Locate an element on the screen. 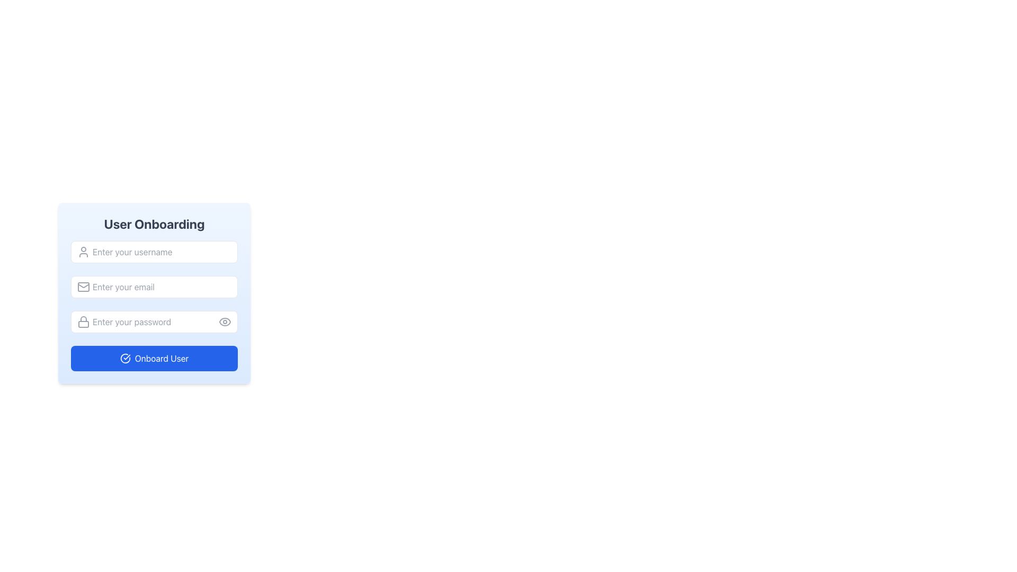 This screenshot has width=1017, height=572. the email input field located in the 'User Onboarding' section is located at coordinates (154, 287).